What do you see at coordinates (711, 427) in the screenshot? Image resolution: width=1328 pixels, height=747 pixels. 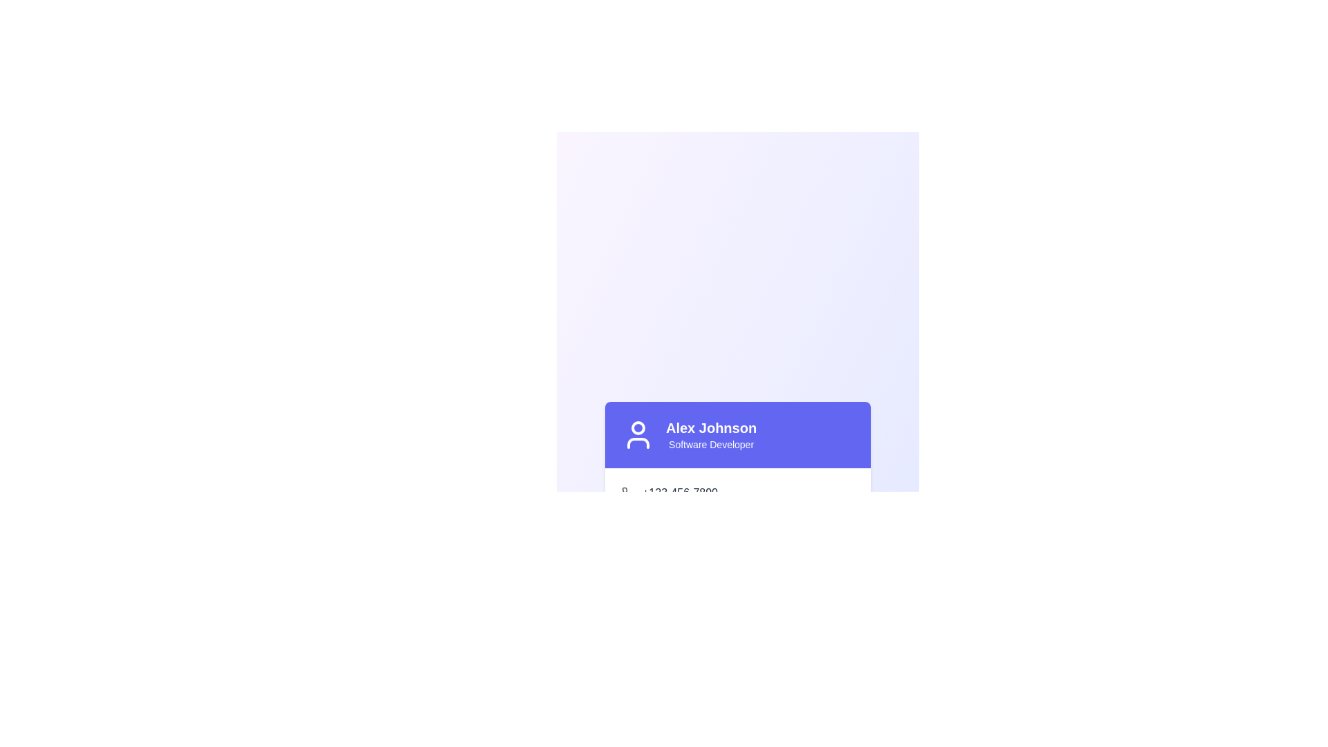 I see `the text label displaying the name 'Alex Johnson' located at the top-center of a blue rectangular card interface` at bounding box center [711, 427].